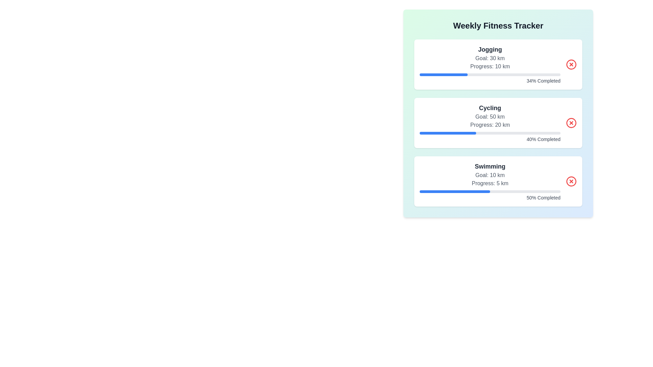 The height and width of the screenshot is (367, 653). I want to click on the decorative circle surrounding the 'X' symbol in the cancel icon located at the top-right corner of the 'Jogging' activity card in the Weekly Fitness Tracker interface, so click(571, 64).